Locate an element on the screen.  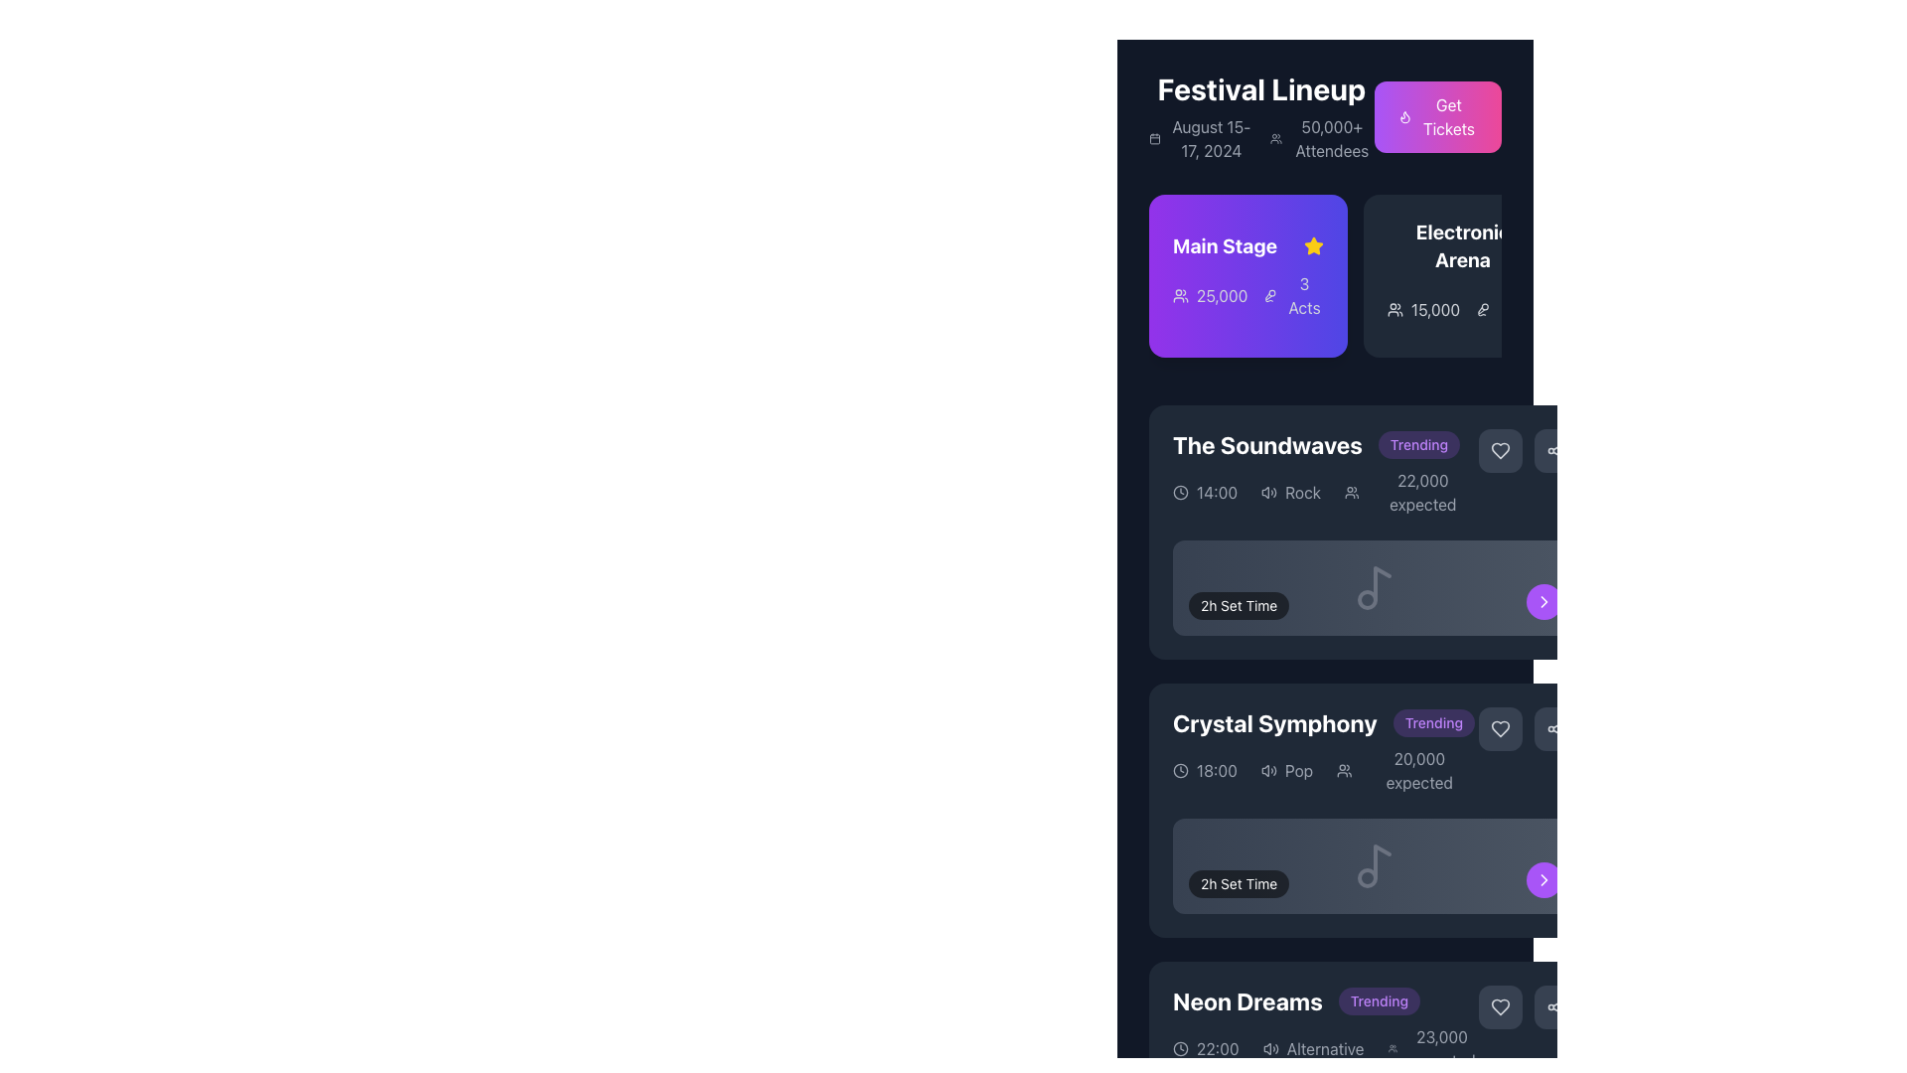
the chevron icon located in the purple circular button on the right end of the 'Crystal Symphony' section is located at coordinates (1543, 879).